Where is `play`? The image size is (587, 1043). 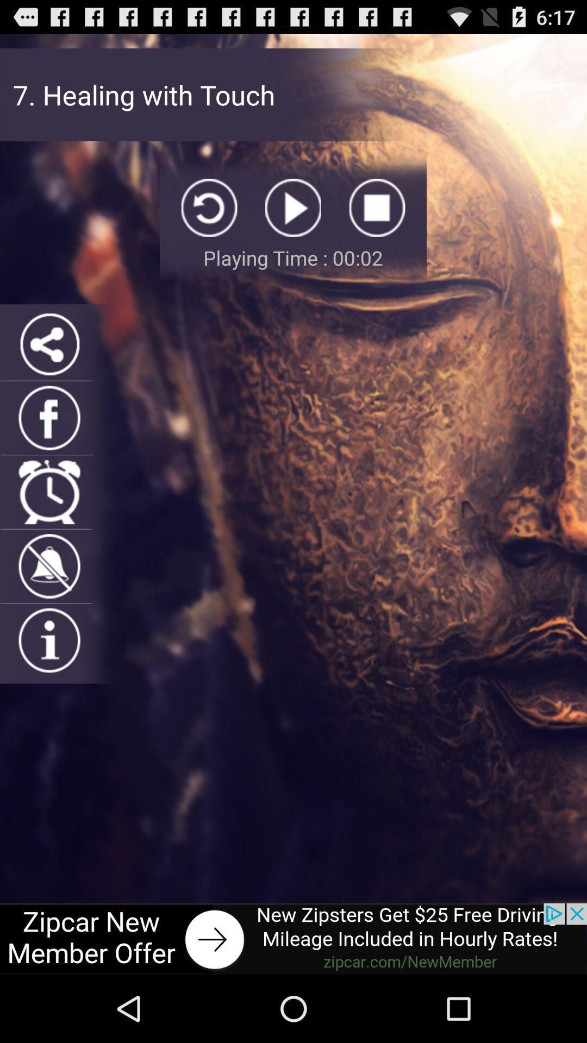 play is located at coordinates (292, 208).